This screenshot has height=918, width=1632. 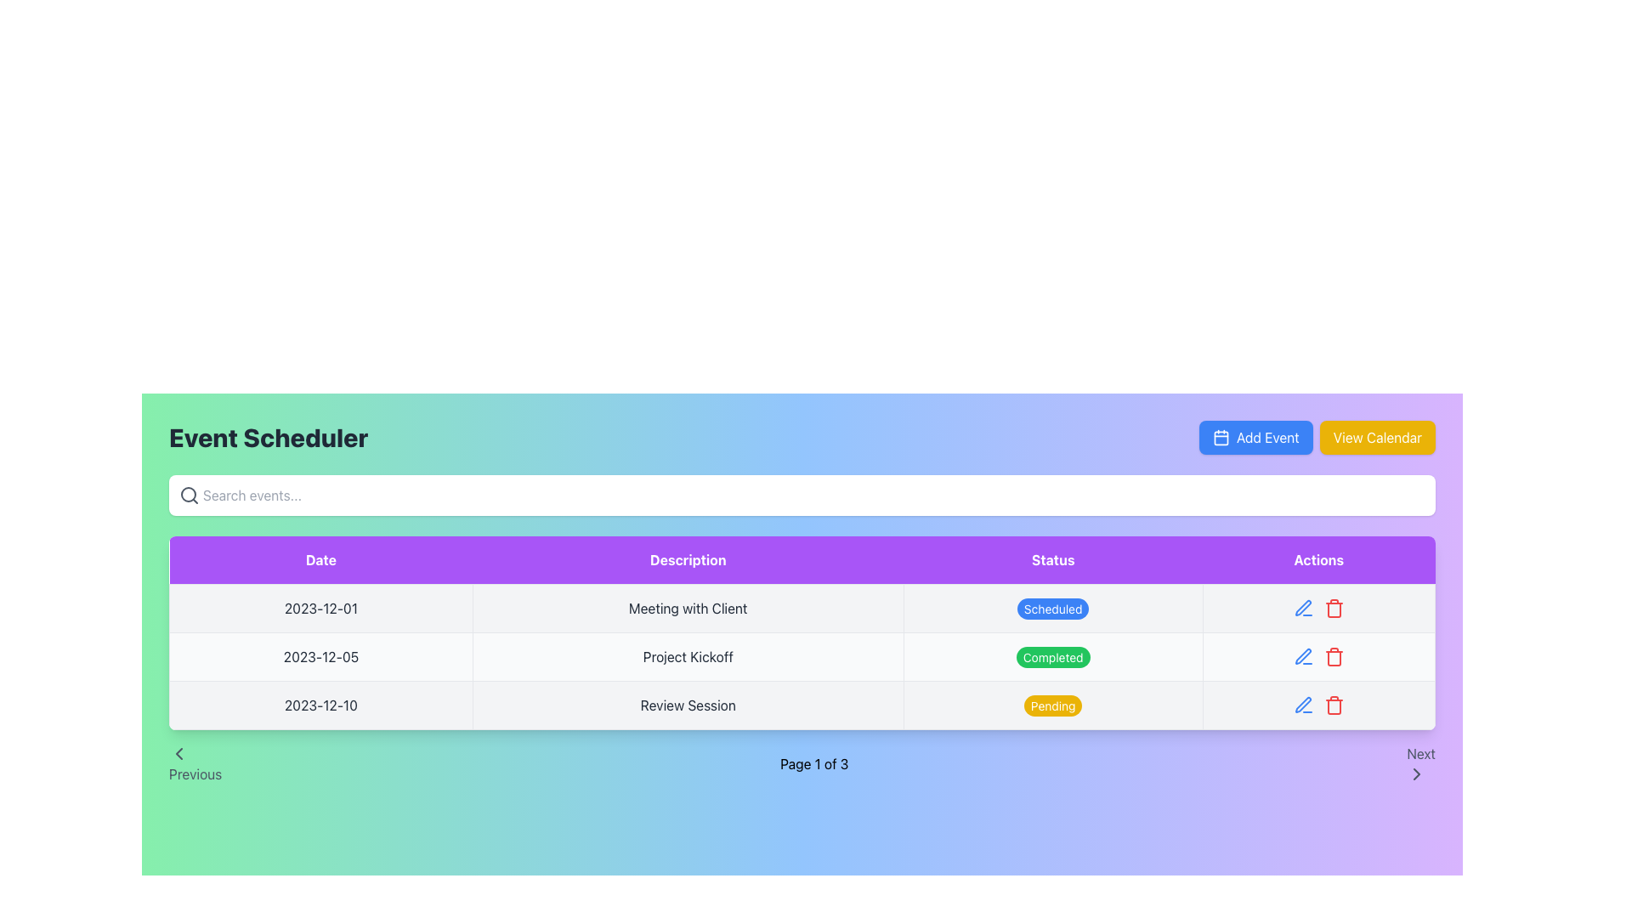 What do you see at coordinates (1302, 655) in the screenshot?
I see `the blue pen-shaped icon button in the 'Actions' column of the second row corresponding to 'Project Kickoff' to change its color` at bounding box center [1302, 655].